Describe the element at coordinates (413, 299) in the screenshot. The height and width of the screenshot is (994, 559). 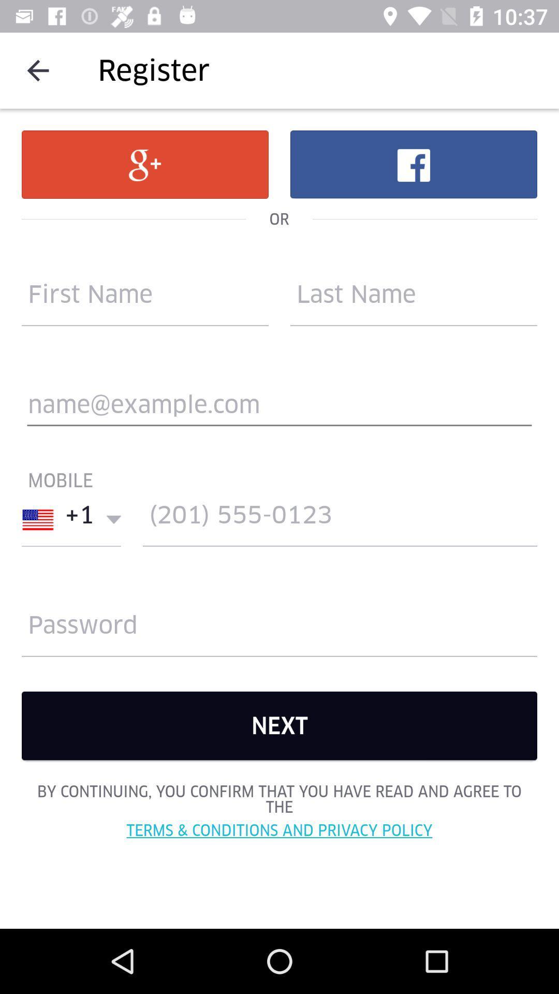
I see `your last name` at that location.